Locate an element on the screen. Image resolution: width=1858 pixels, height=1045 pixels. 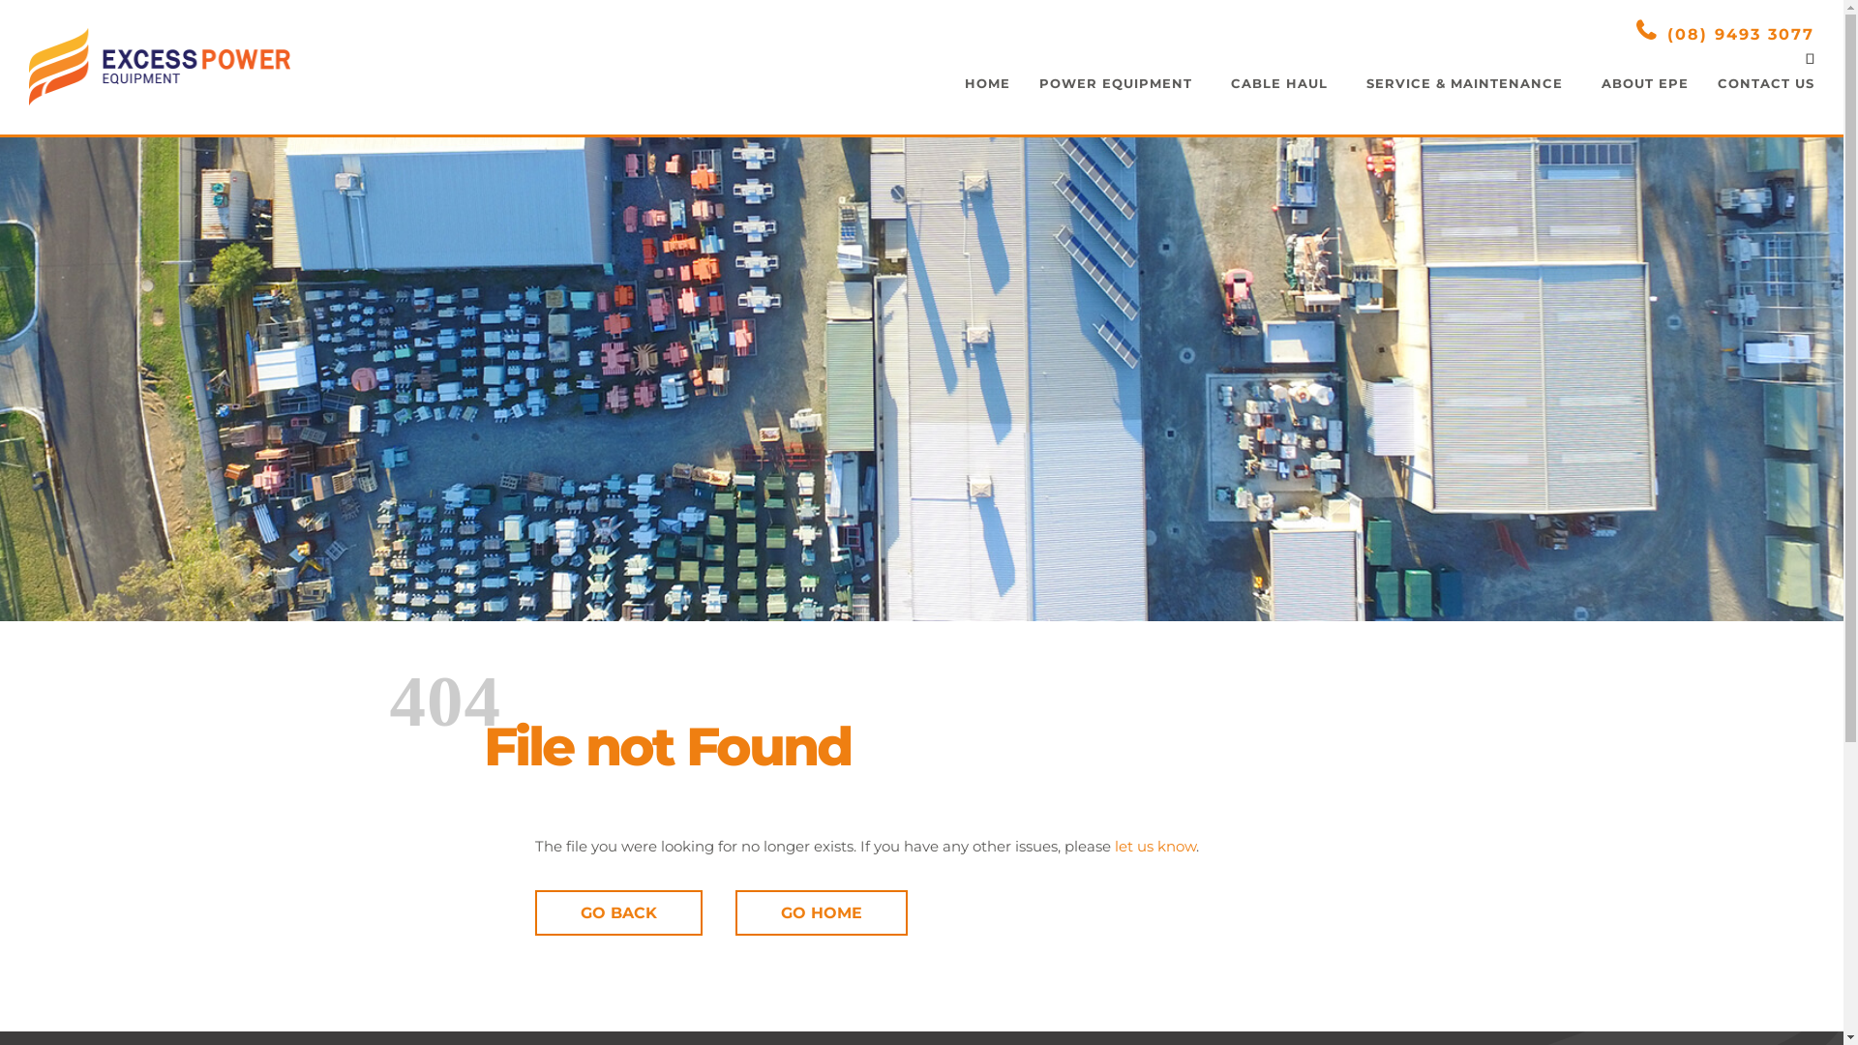
'CONTACT US' is located at coordinates (1760, 103).